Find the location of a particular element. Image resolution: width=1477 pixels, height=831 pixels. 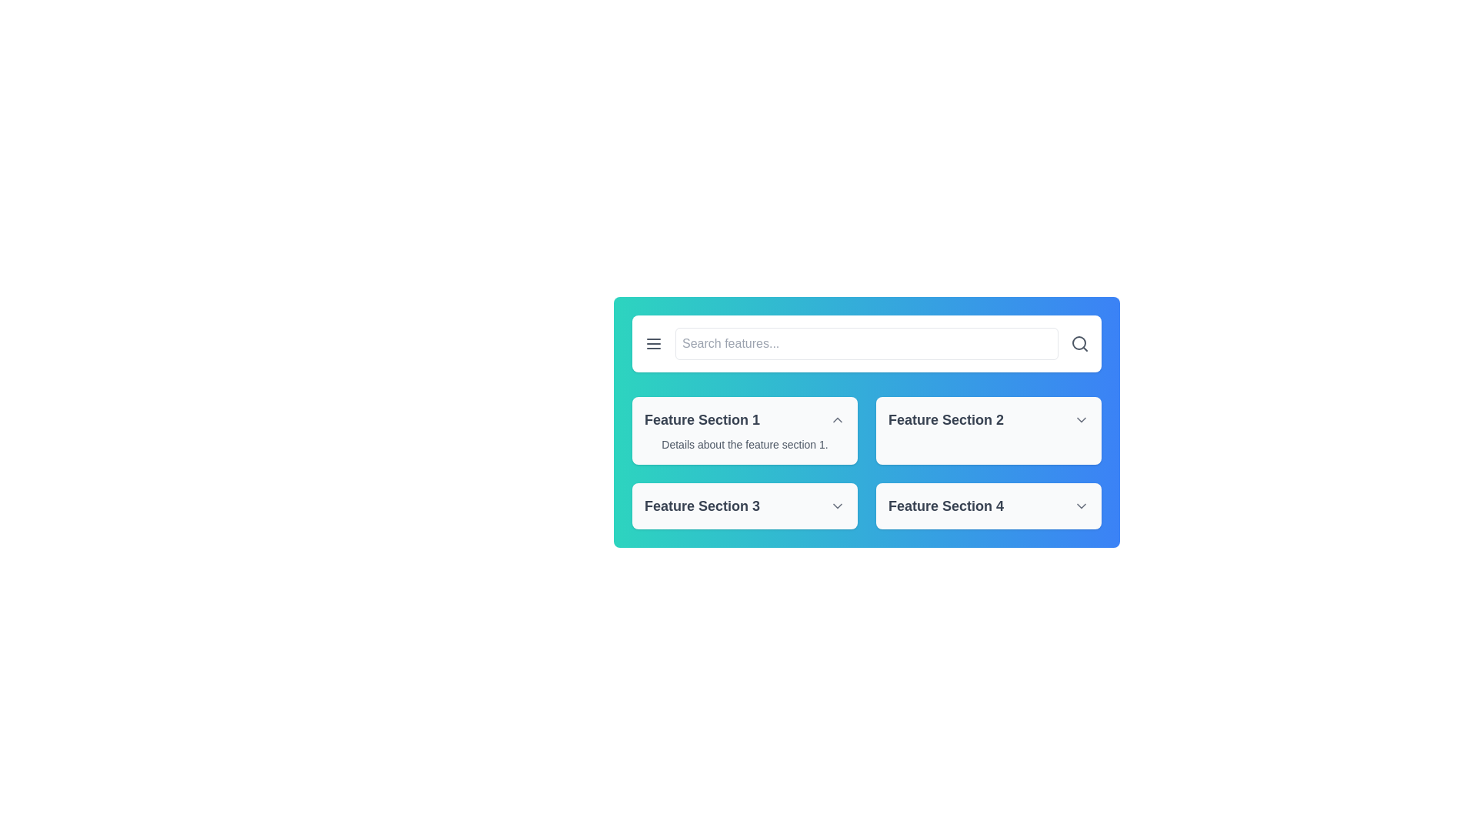

the label for 'Feature Section 2', which is positioned in the upper-right quadrant of the main interface, directly to the right of 'Feature Section 1' is located at coordinates (945, 420).